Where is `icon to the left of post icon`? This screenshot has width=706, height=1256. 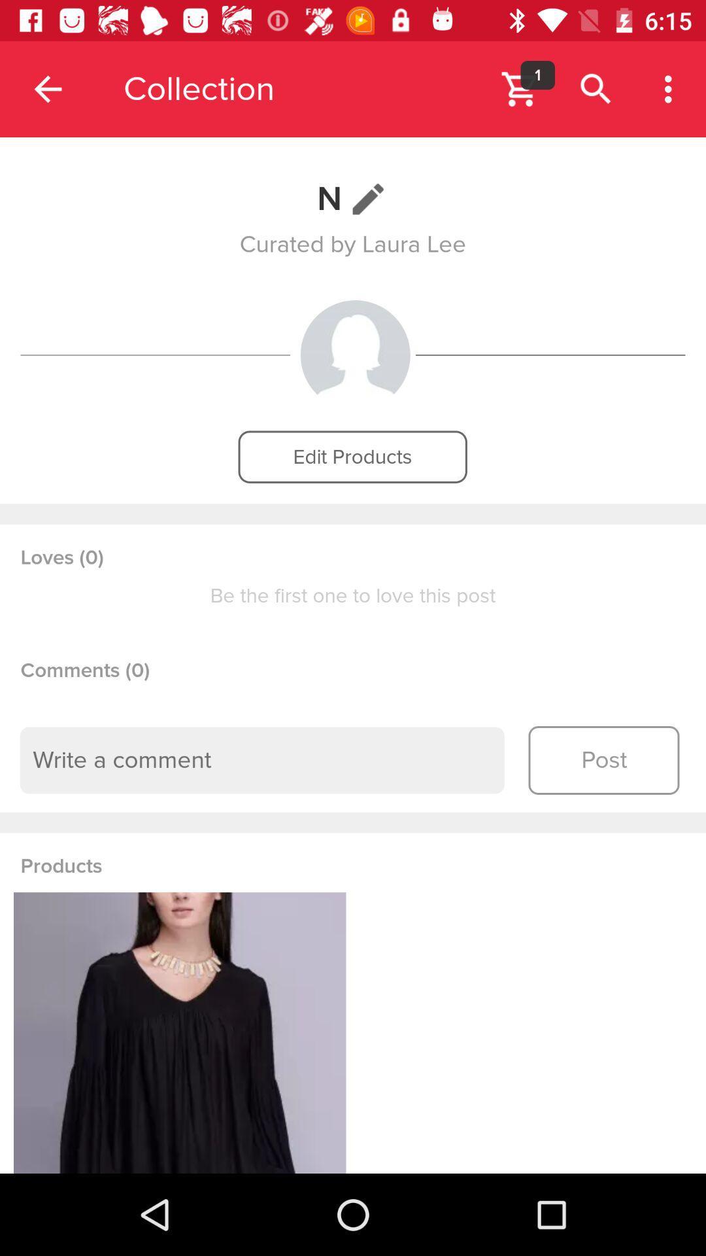 icon to the left of post icon is located at coordinates (262, 760).